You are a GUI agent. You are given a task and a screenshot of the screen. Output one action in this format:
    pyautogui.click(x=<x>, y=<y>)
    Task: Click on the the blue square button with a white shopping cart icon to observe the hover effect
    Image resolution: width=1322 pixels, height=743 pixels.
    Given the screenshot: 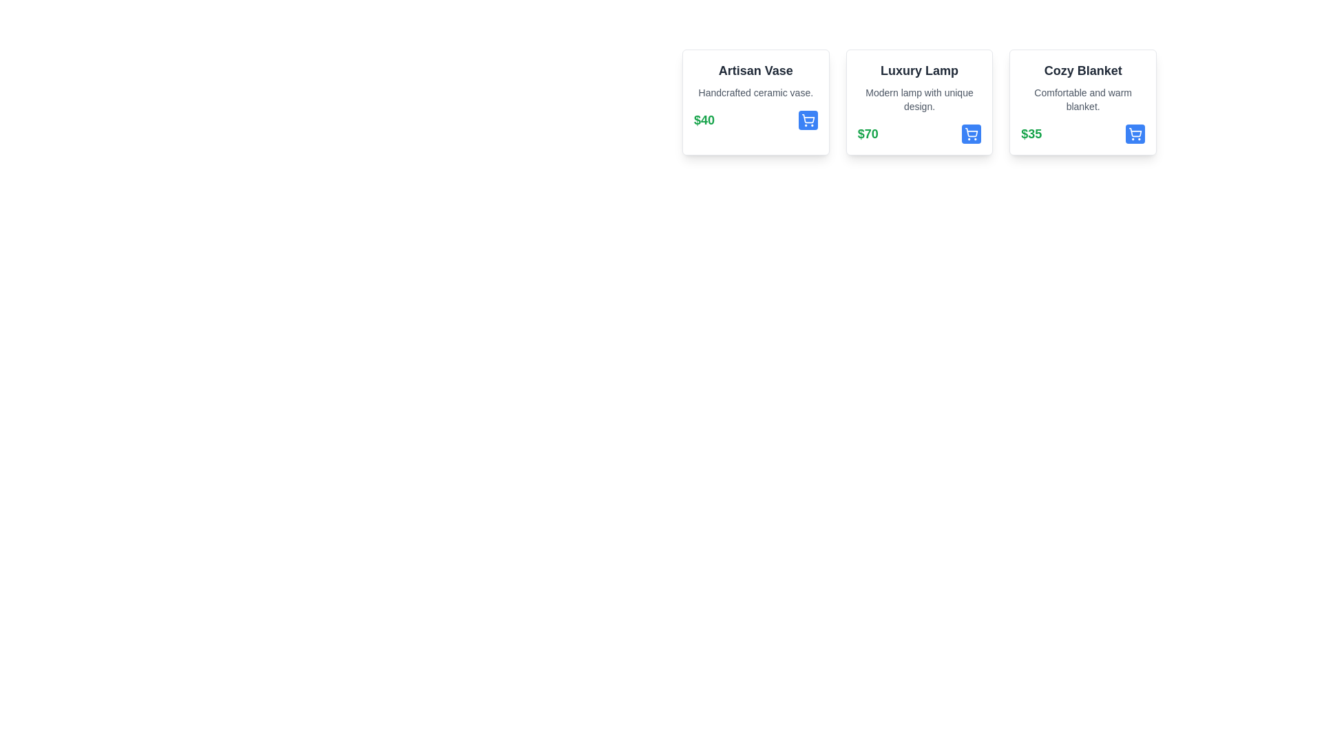 What is the action you would take?
    pyautogui.click(x=971, y=134)
    